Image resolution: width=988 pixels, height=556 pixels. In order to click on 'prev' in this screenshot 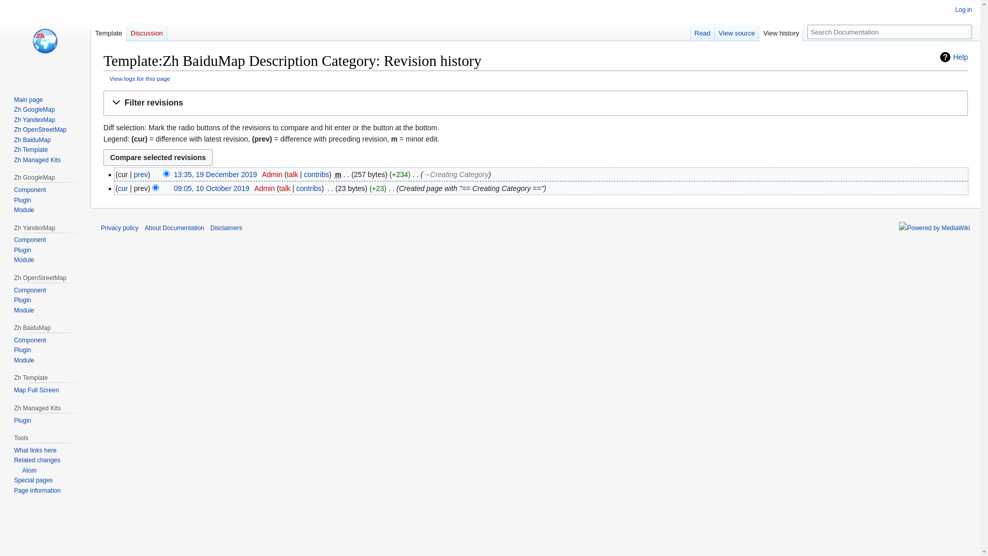, I will do `click(140, 174)`.